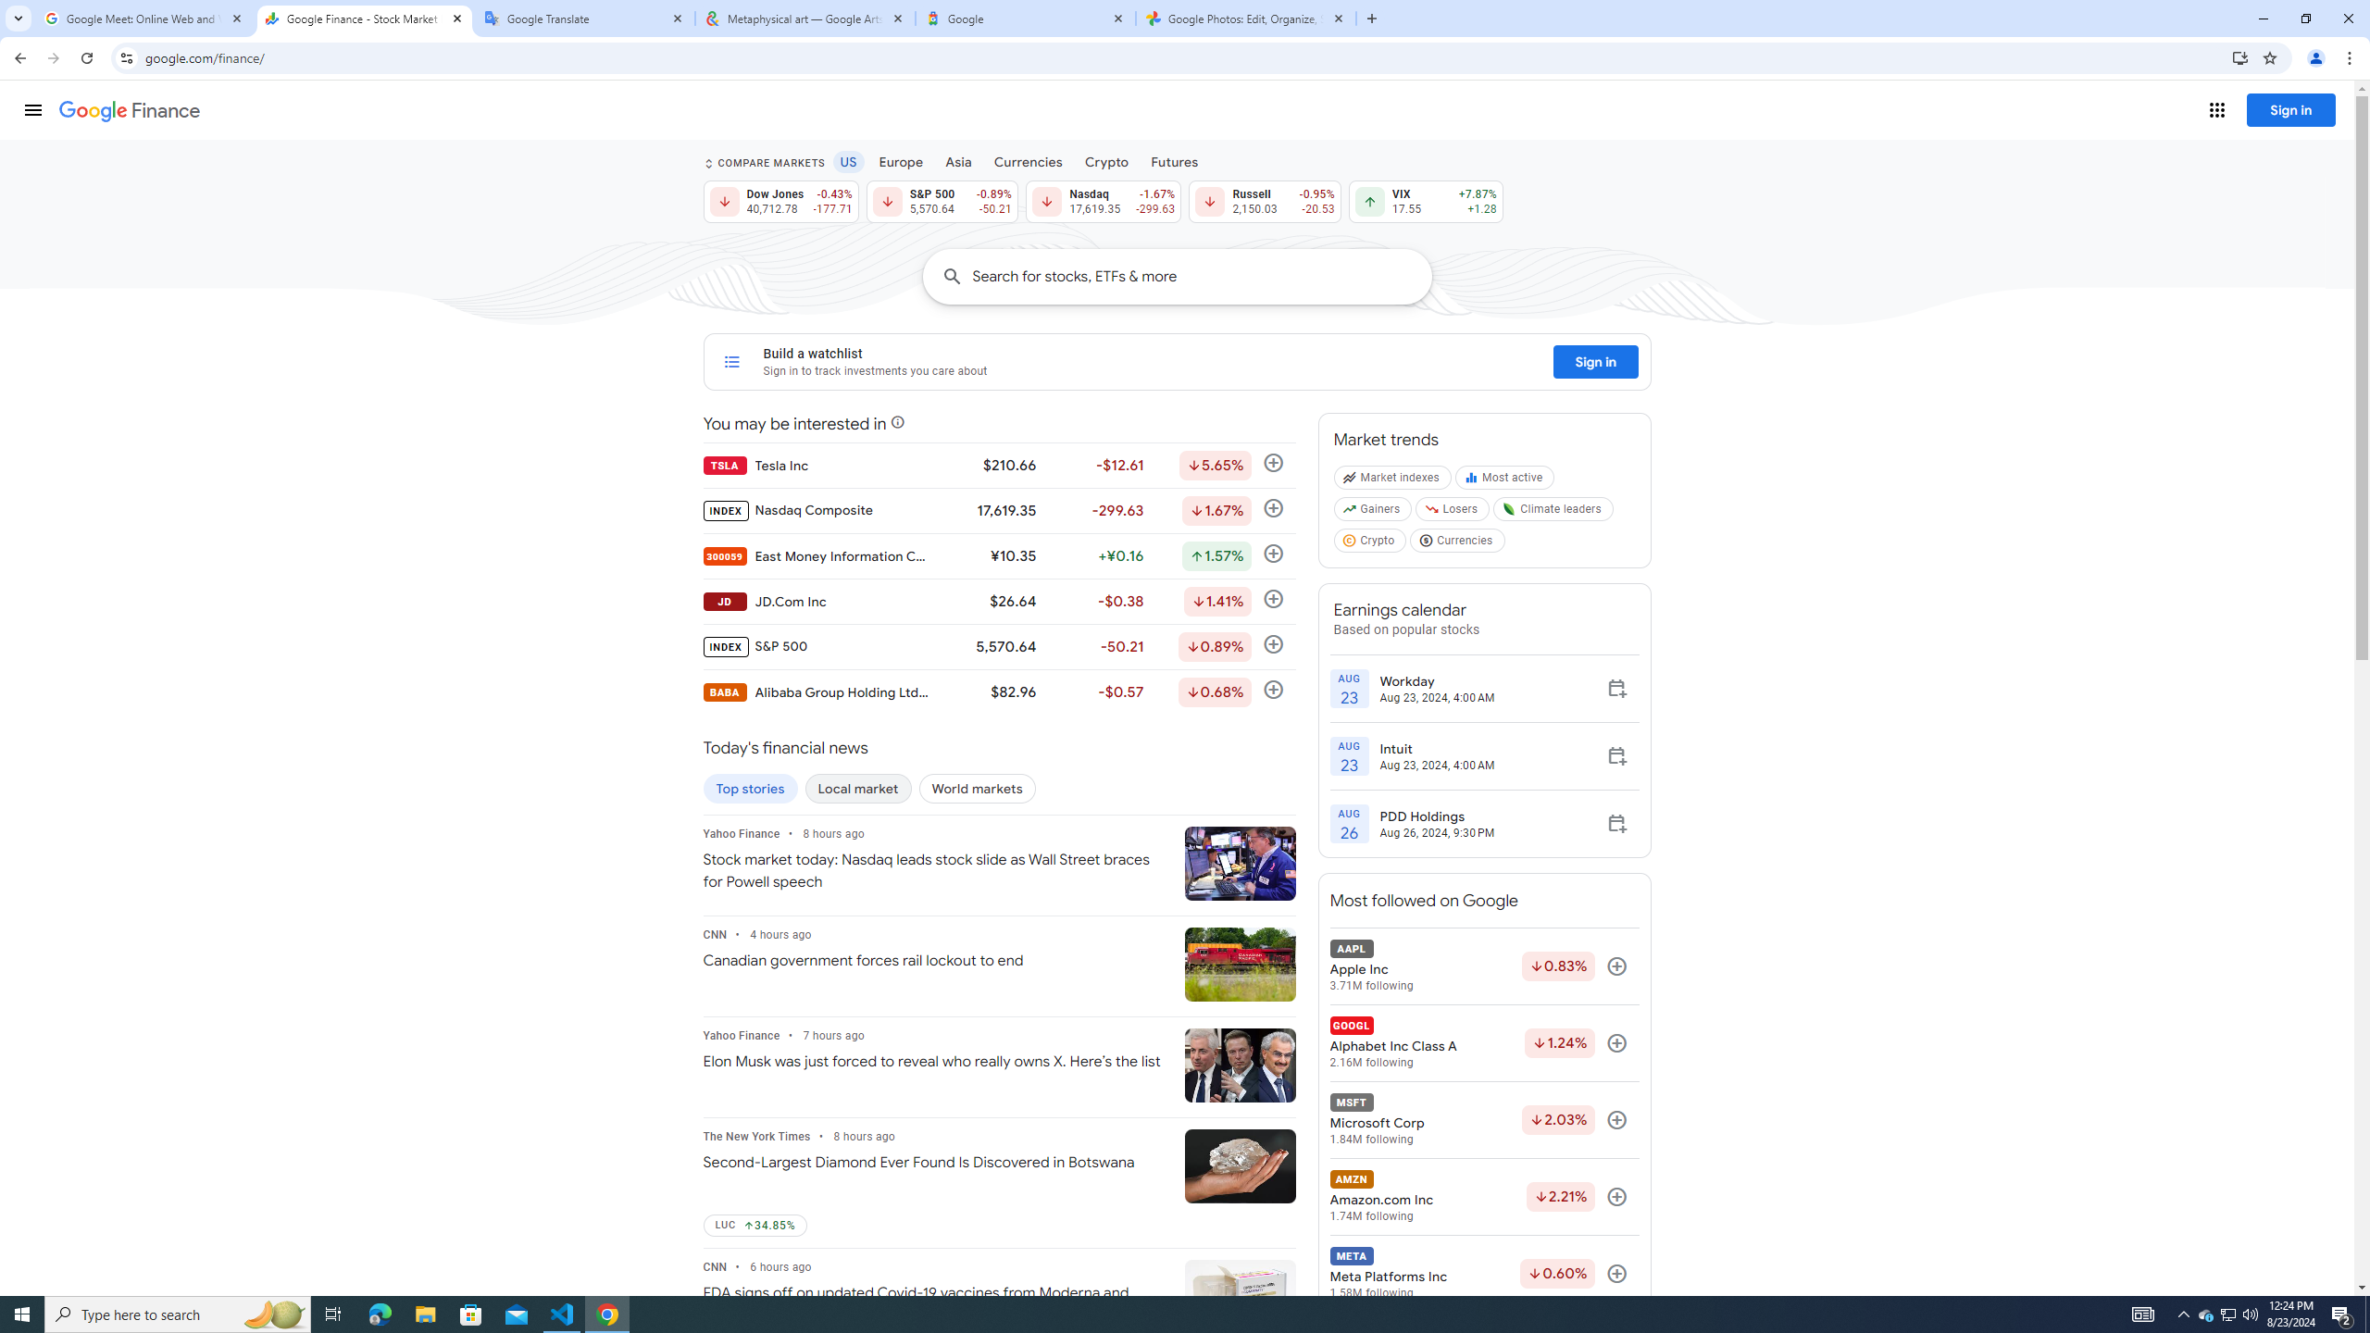 This screenshot has width=2370, height=1333. Describe the element at coordinates (848, 160) in the screenshot. I see `'US'` at that location.